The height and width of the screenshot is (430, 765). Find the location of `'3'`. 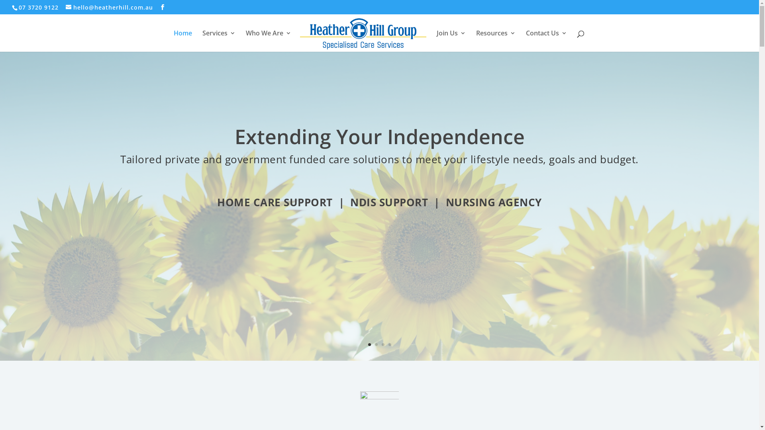

'3' is located at coordinates (383, 344).